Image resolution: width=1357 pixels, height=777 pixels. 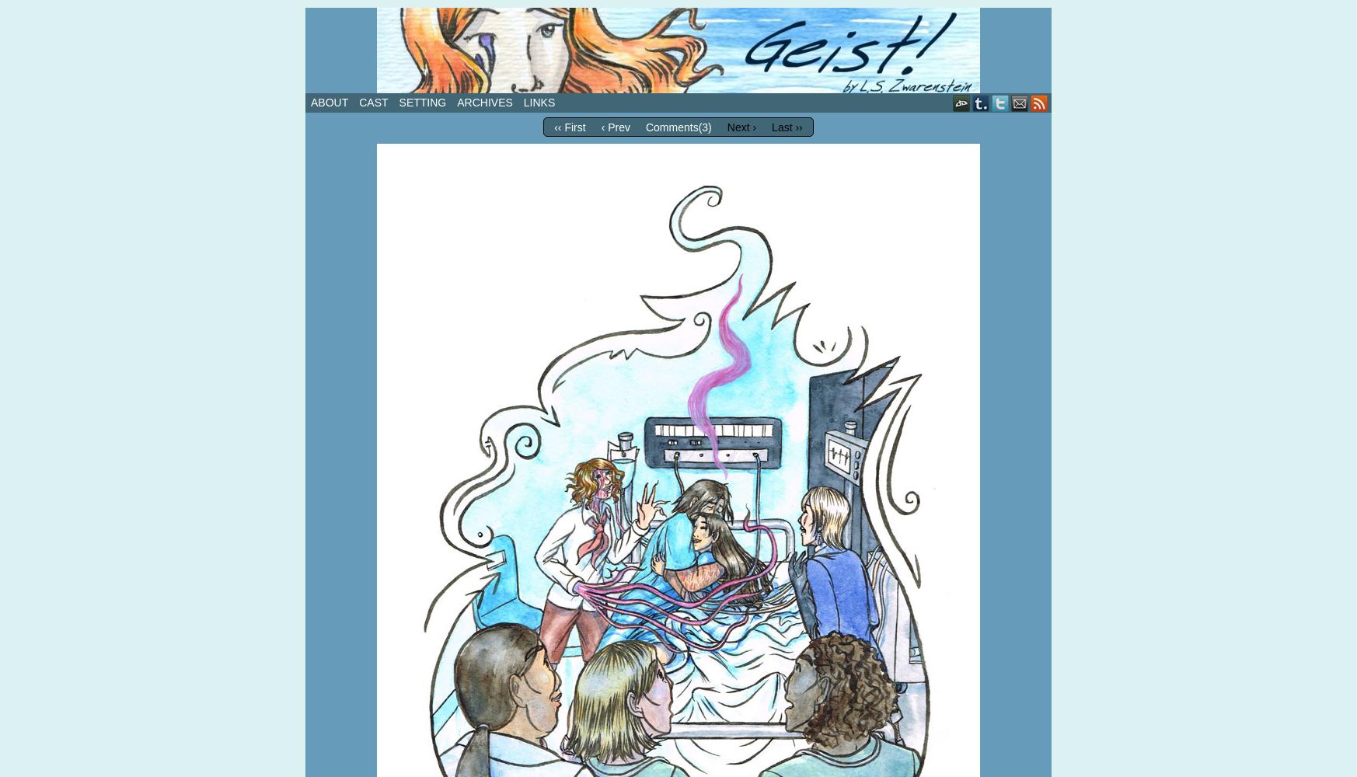 I want to click on 'Links', so click(x=539, y=103).